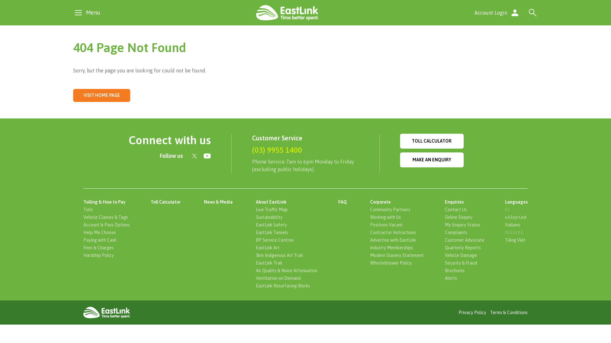 The image size is (611, 343). Describe the element at coordinates (432, 159) in the screenshot. I see `'MAKE AN ENQUIRY'` at that location.